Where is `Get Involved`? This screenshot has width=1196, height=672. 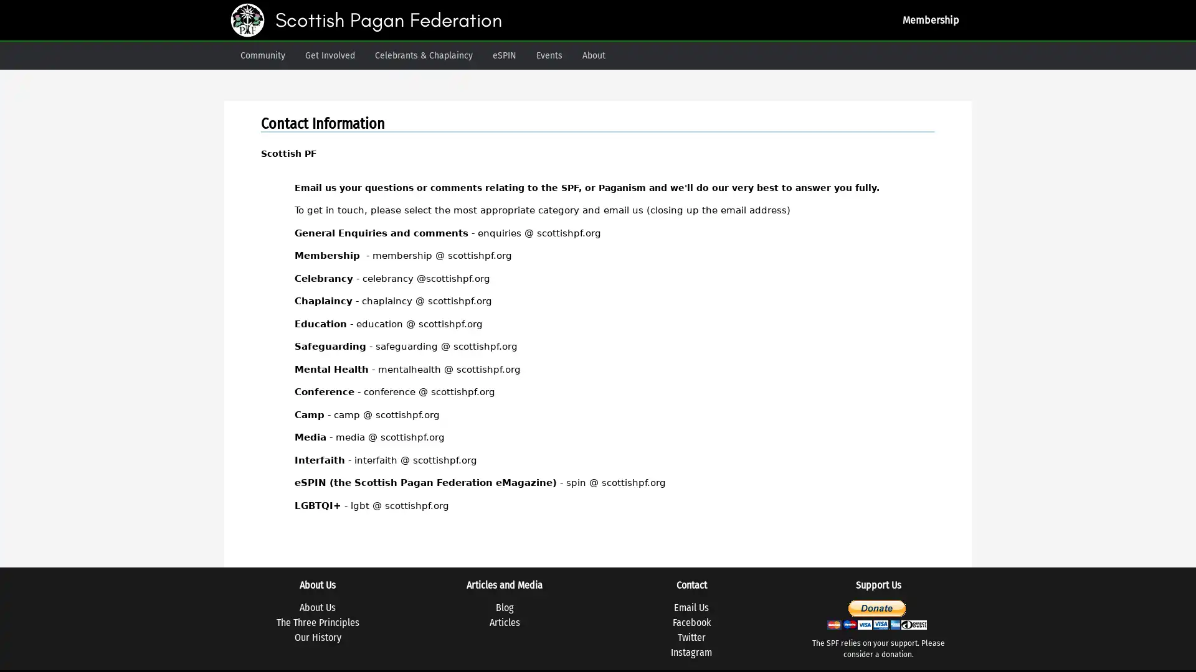 Get Involved is located at coordinates (330, 55).